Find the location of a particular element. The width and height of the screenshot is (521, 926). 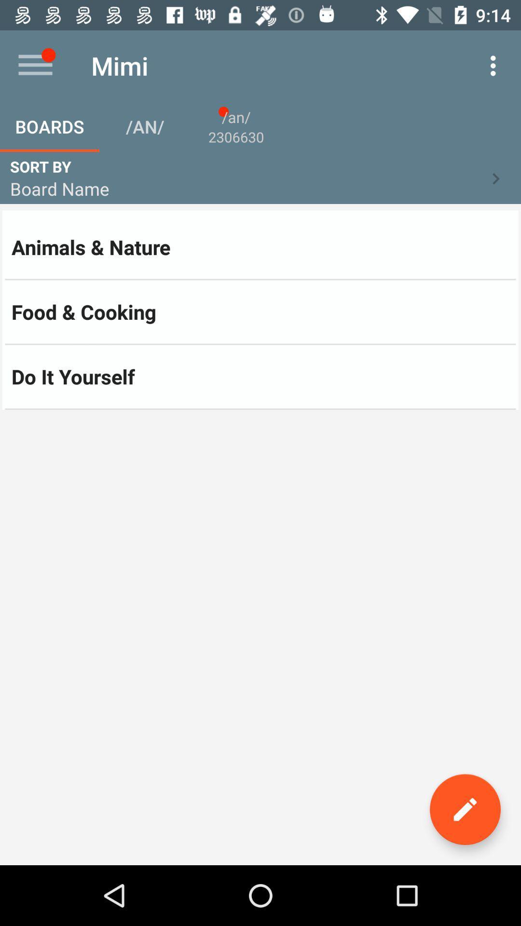

the edit icon is located at coordinates (465, 809).